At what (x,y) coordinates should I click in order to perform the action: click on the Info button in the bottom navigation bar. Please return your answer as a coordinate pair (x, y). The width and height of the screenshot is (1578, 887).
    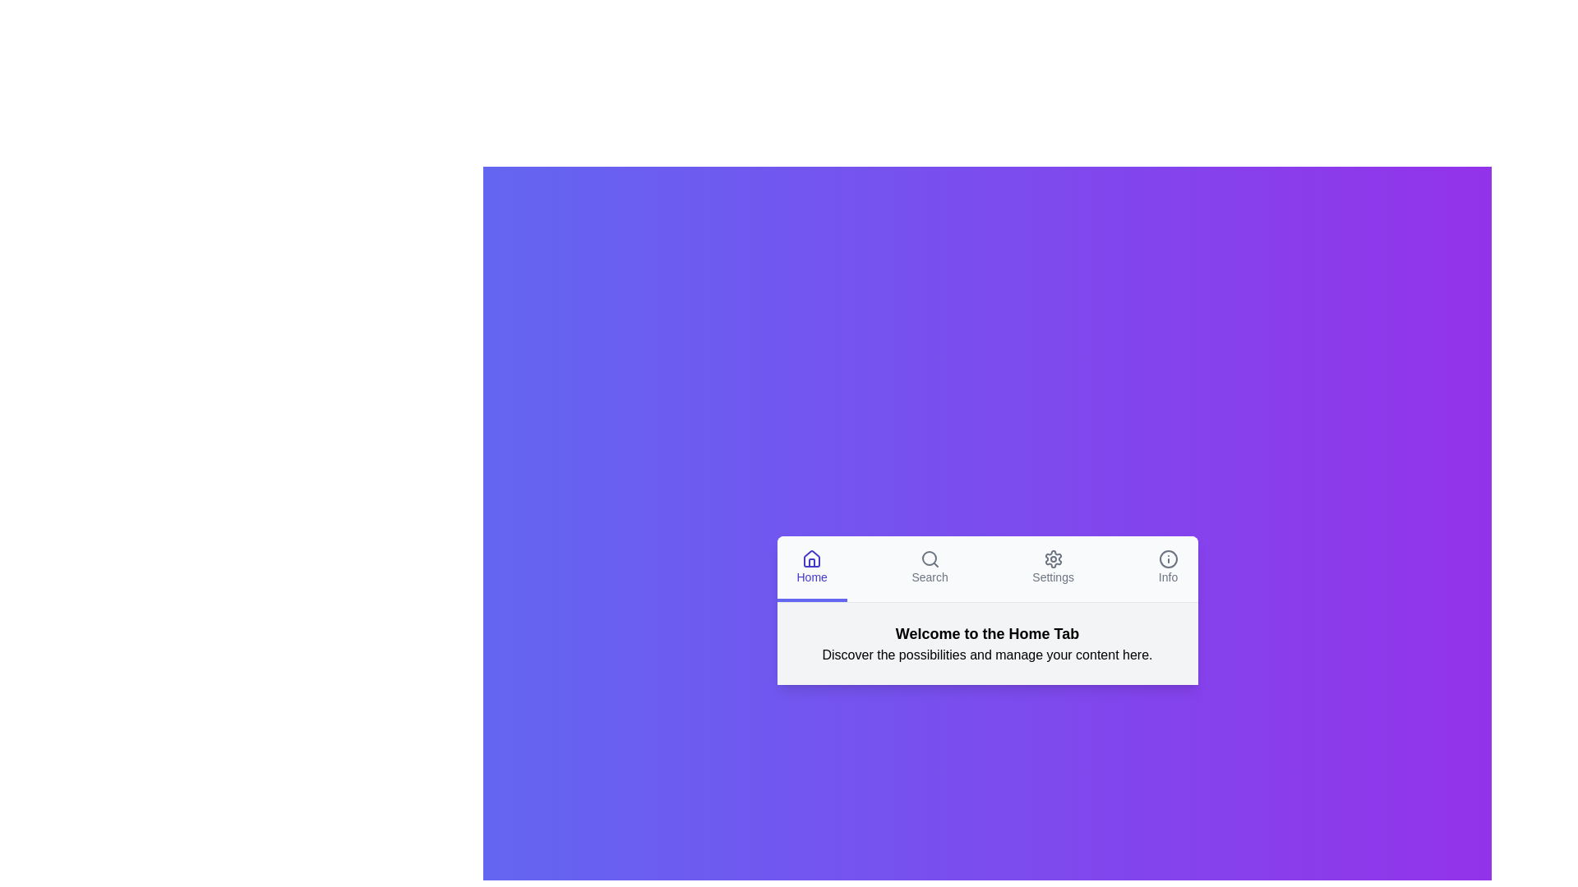
    Looking at the image, I should click on (1167, 568).